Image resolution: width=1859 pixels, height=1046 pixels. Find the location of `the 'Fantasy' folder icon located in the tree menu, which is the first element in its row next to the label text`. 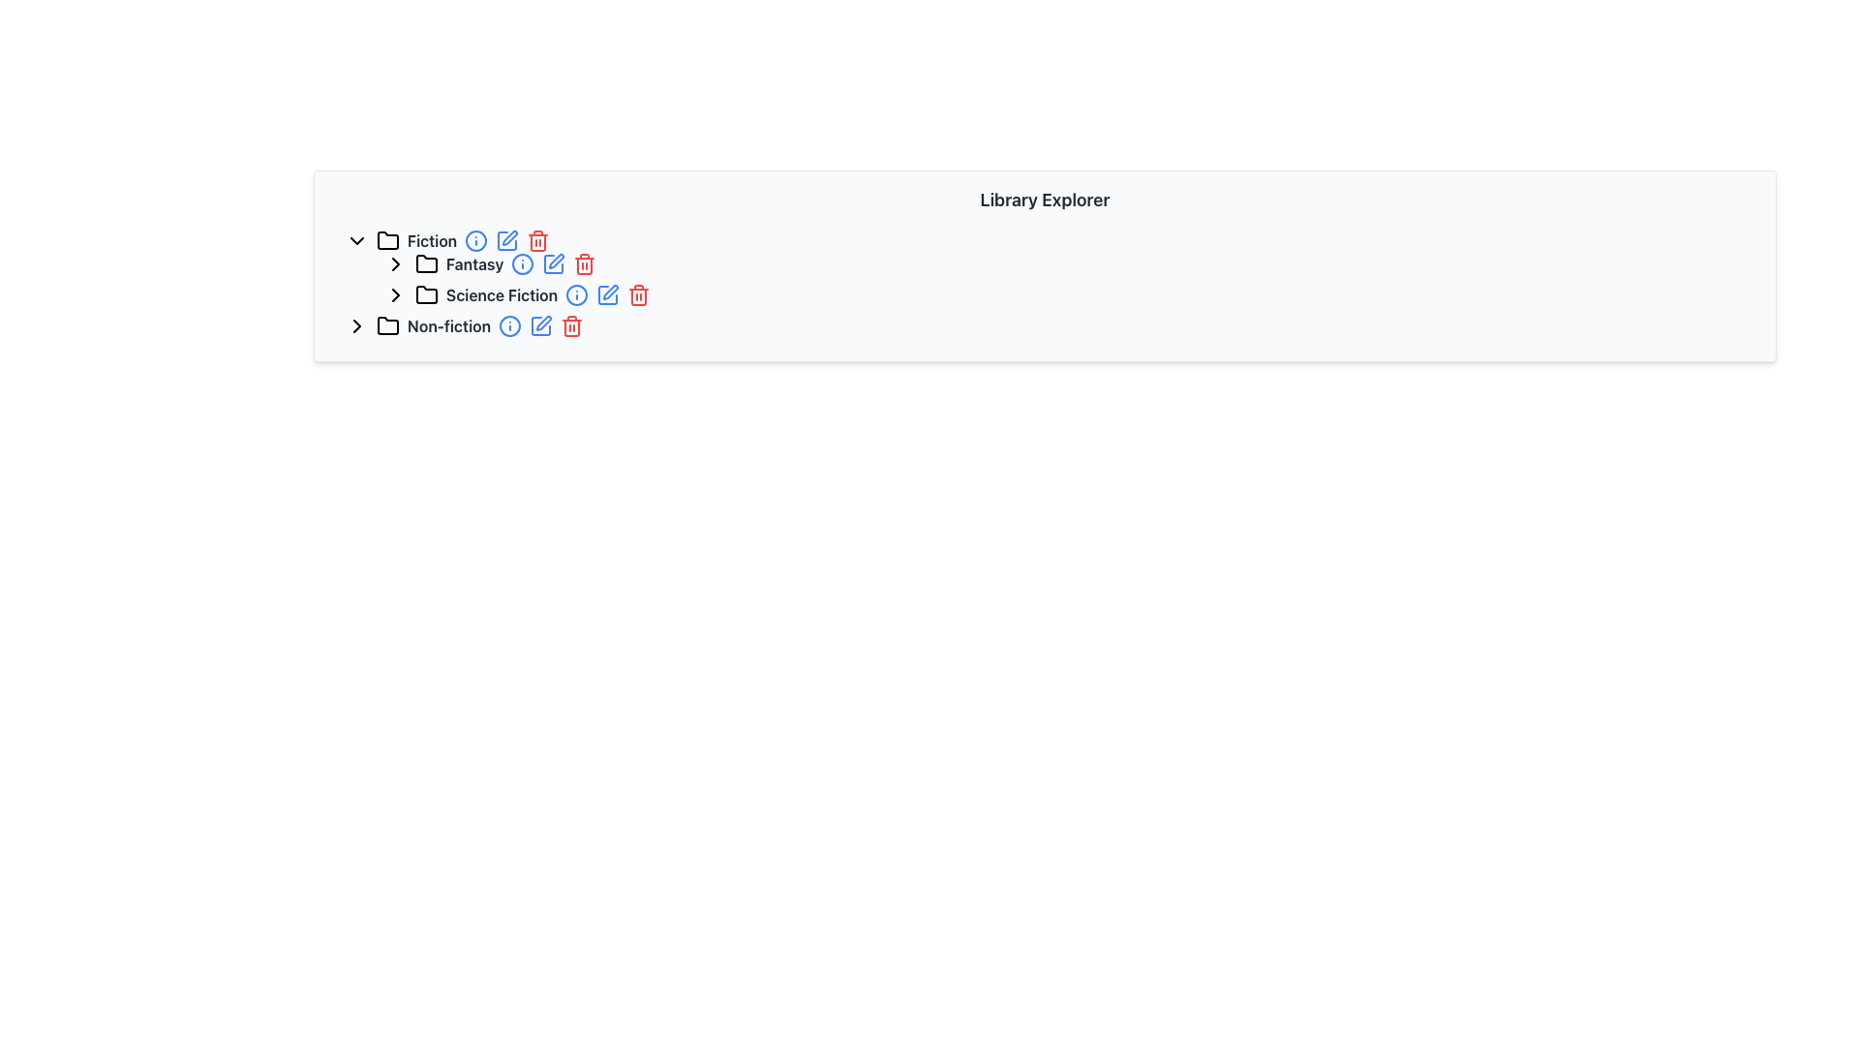

the 'Fantasy' folder icon located in the tree menu, which is the first element in its row next to the label text is located at coordinates (426, 264).